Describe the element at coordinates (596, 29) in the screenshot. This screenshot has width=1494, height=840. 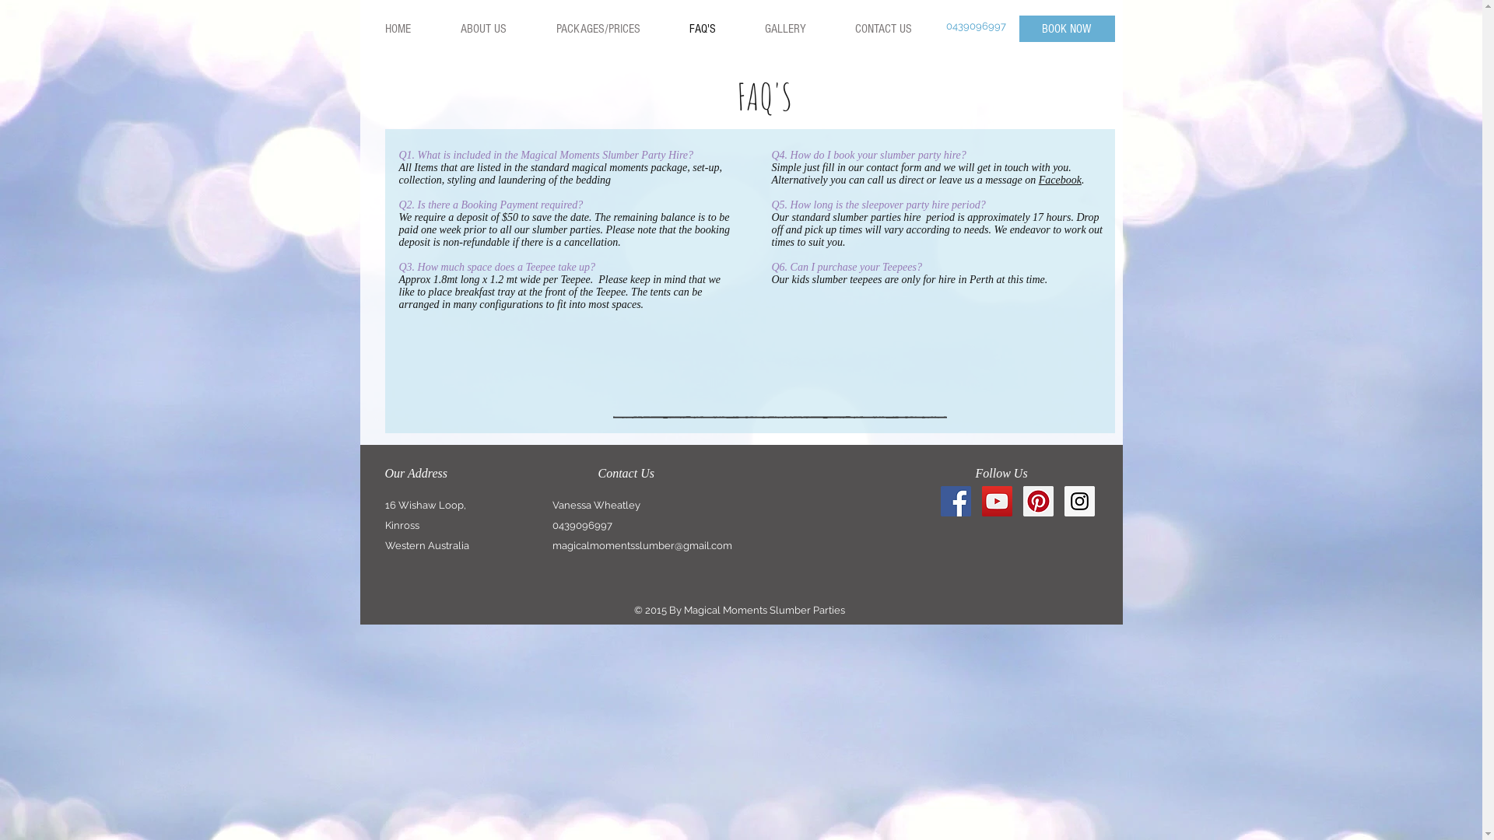
I see `'PACKAGES/PRICES'` at that location.